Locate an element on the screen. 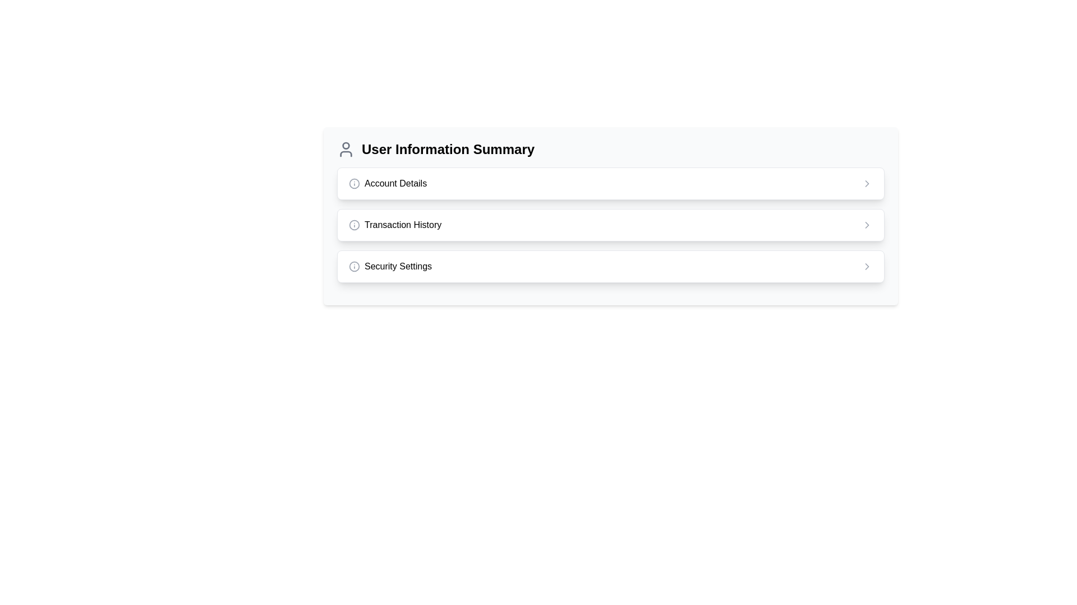  the circular icon with a thin border next to the 'Account Details' list item in the user information summary table is located at coordinates (354, 183).